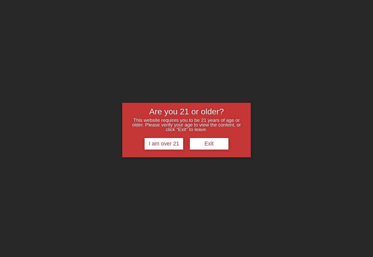  Describe the element at coordinates (186, 242) in the screenshot. I see `'Privacy Policy - Effective Date: January 1, 2020'` at that location.